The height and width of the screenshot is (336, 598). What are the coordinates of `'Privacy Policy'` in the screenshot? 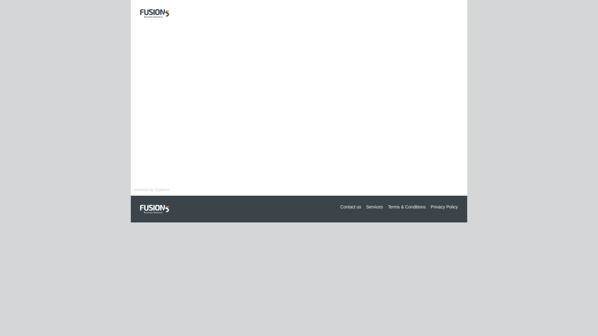 It's located at (444, 207).